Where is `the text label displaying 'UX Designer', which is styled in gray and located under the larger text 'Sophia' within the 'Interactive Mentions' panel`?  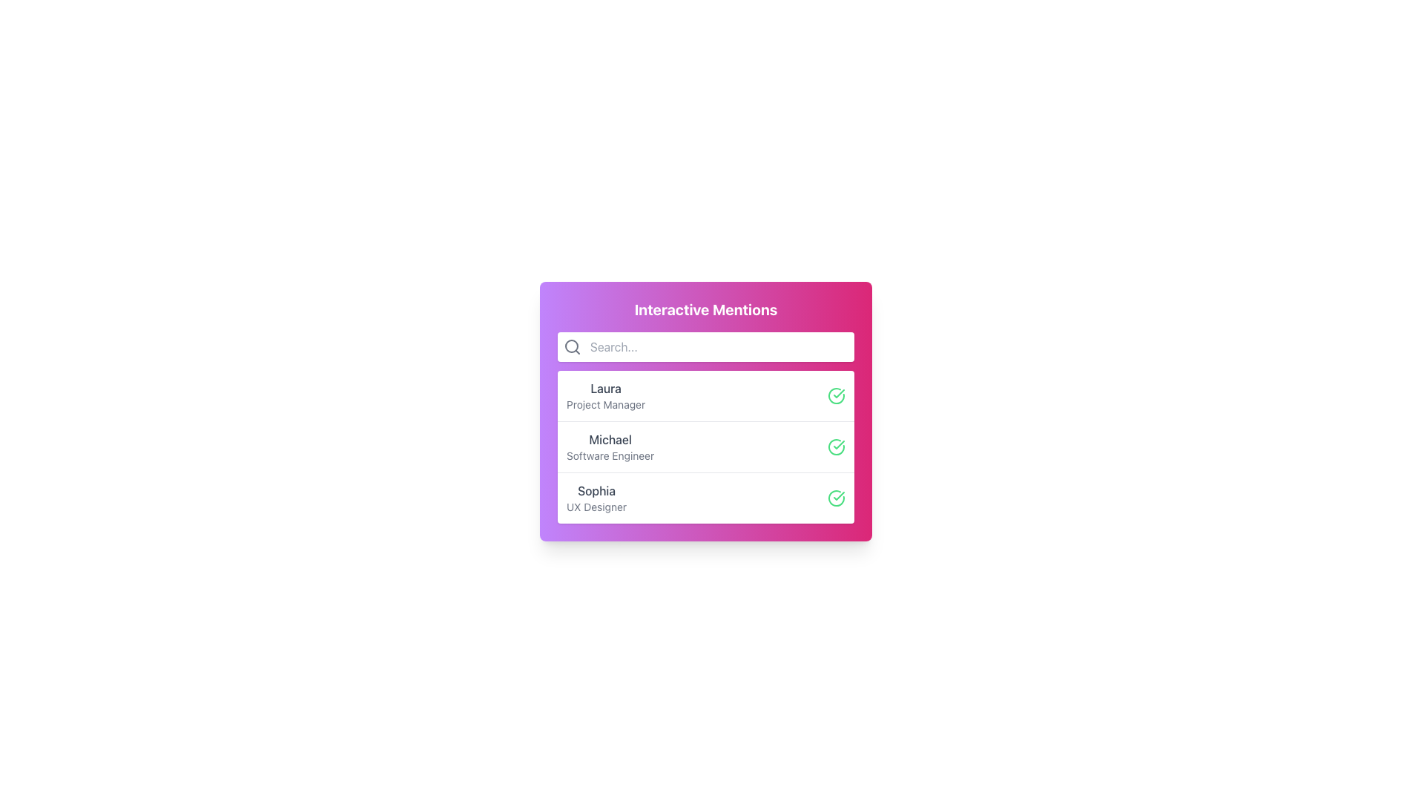
the text label displaying 'UX Designer', which is styled in gray and located under the larger text 'Sophia' within the 'Interactive Mentions' panel is located at coordinates (596, 506).